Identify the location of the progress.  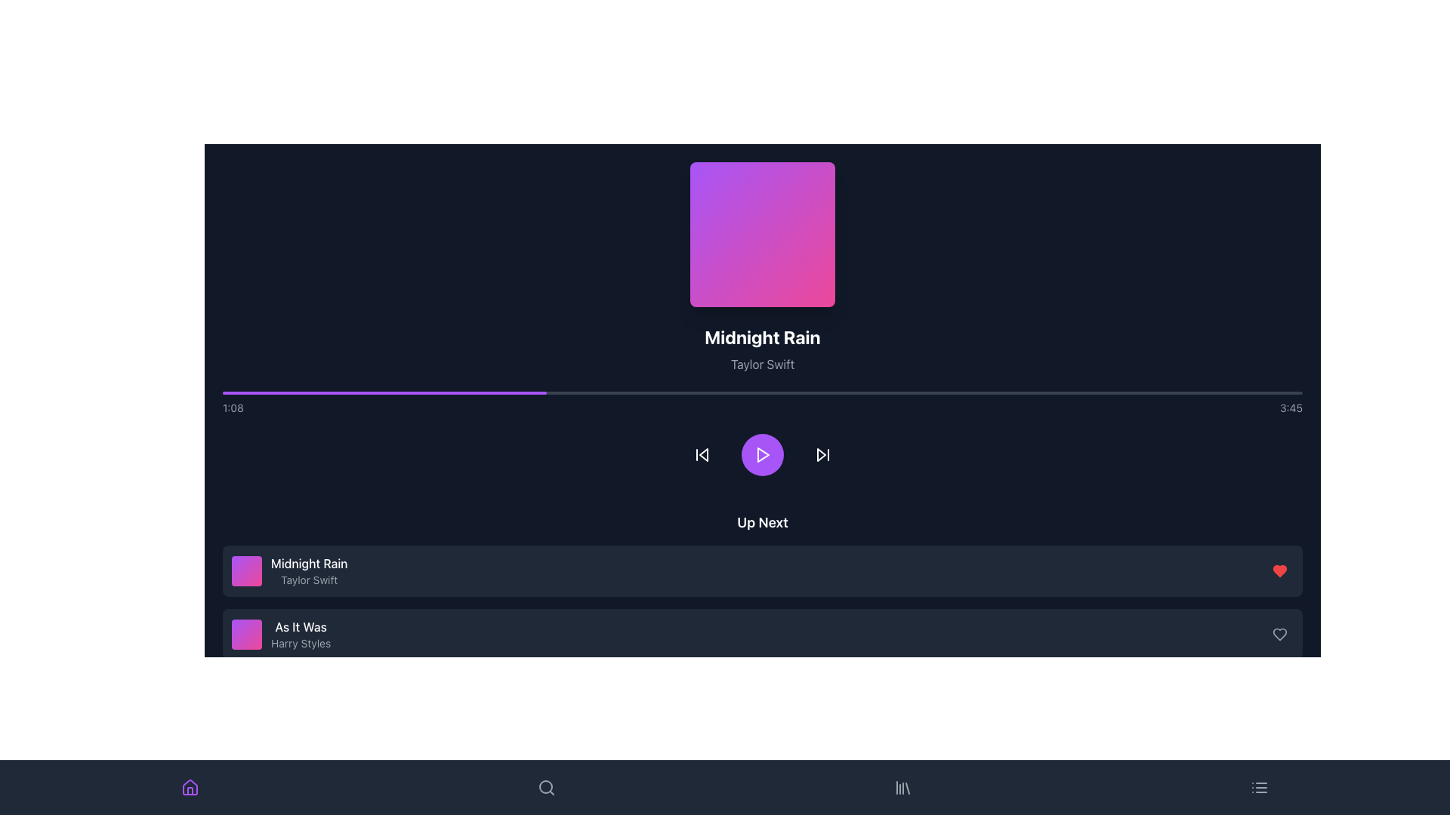
(1291, 392).